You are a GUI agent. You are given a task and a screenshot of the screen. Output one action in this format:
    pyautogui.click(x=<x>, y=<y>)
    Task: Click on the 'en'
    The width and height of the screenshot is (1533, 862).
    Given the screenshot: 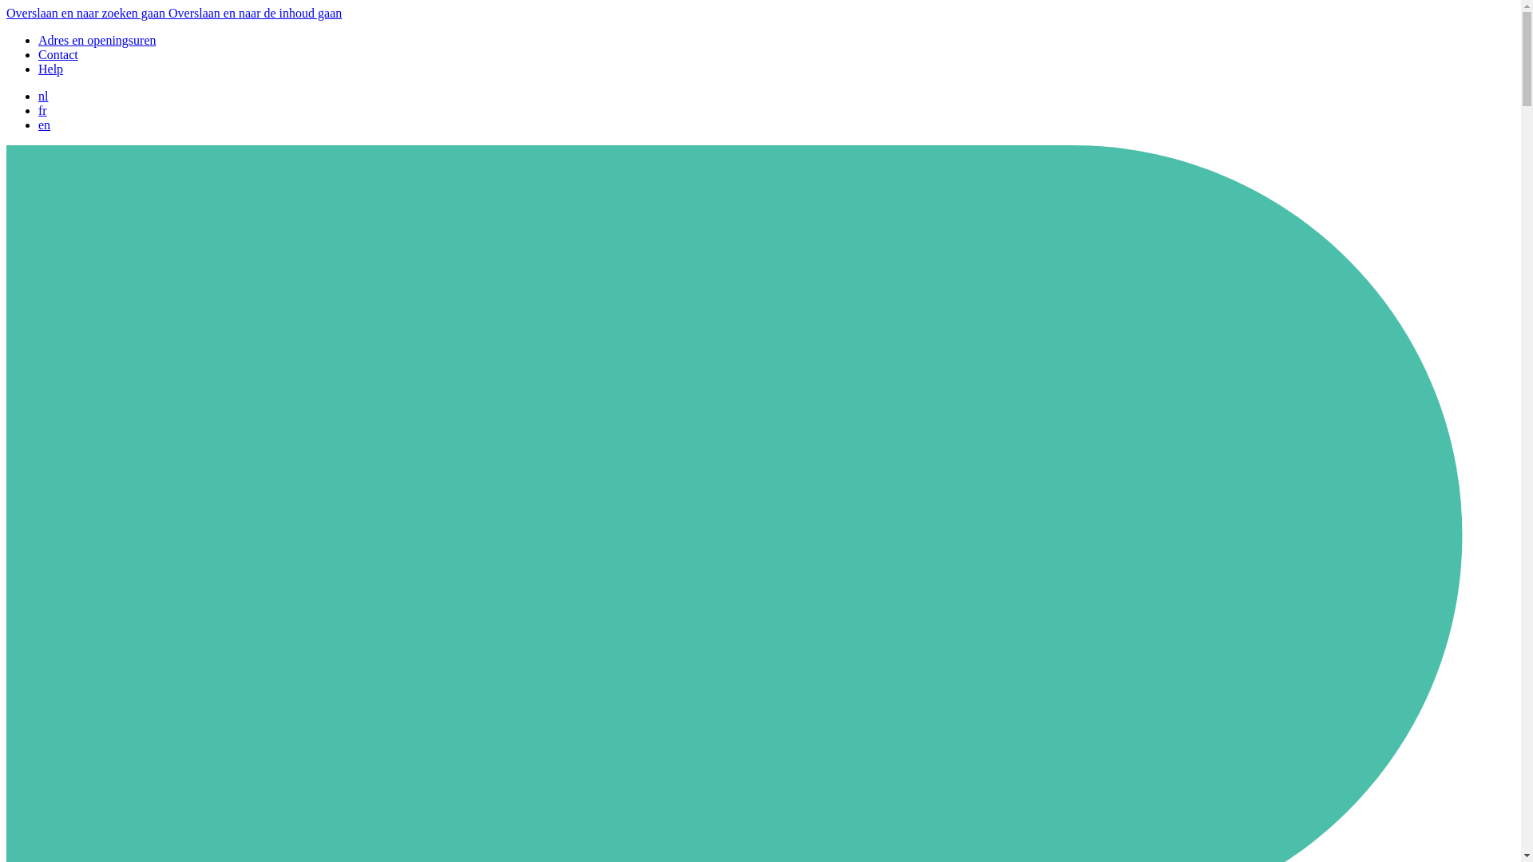 What is the action you would take?
    pyautogui.click(x=44, y=124)
    